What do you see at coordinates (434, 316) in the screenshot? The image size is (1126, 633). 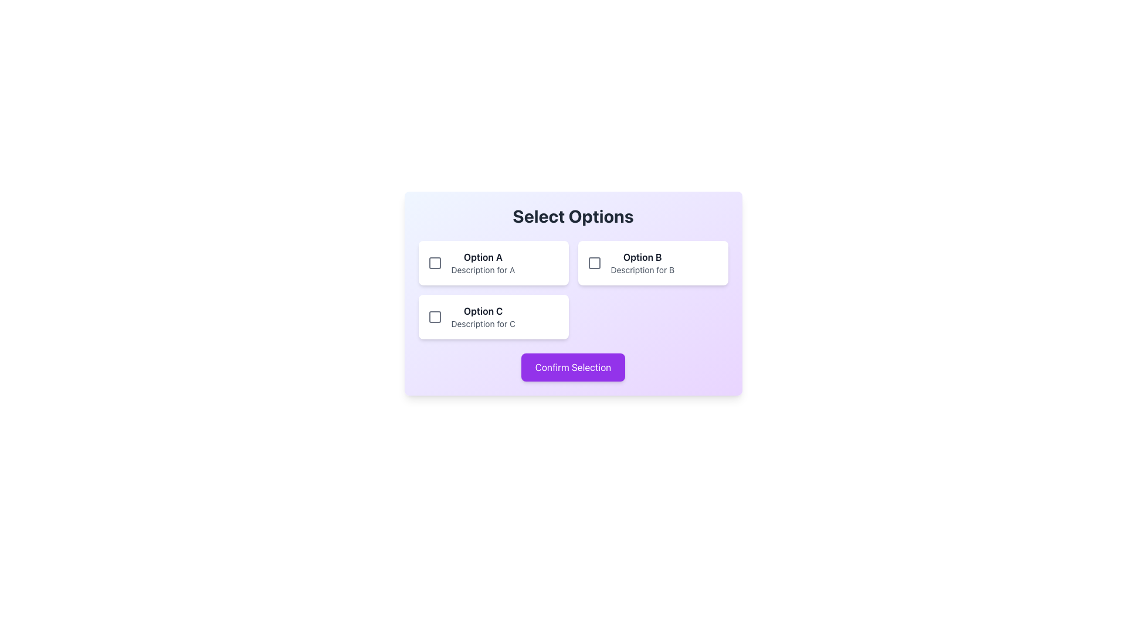 I see `the selection icon located on the left side of the 'Option C' text` at bounding box center [434, 316].